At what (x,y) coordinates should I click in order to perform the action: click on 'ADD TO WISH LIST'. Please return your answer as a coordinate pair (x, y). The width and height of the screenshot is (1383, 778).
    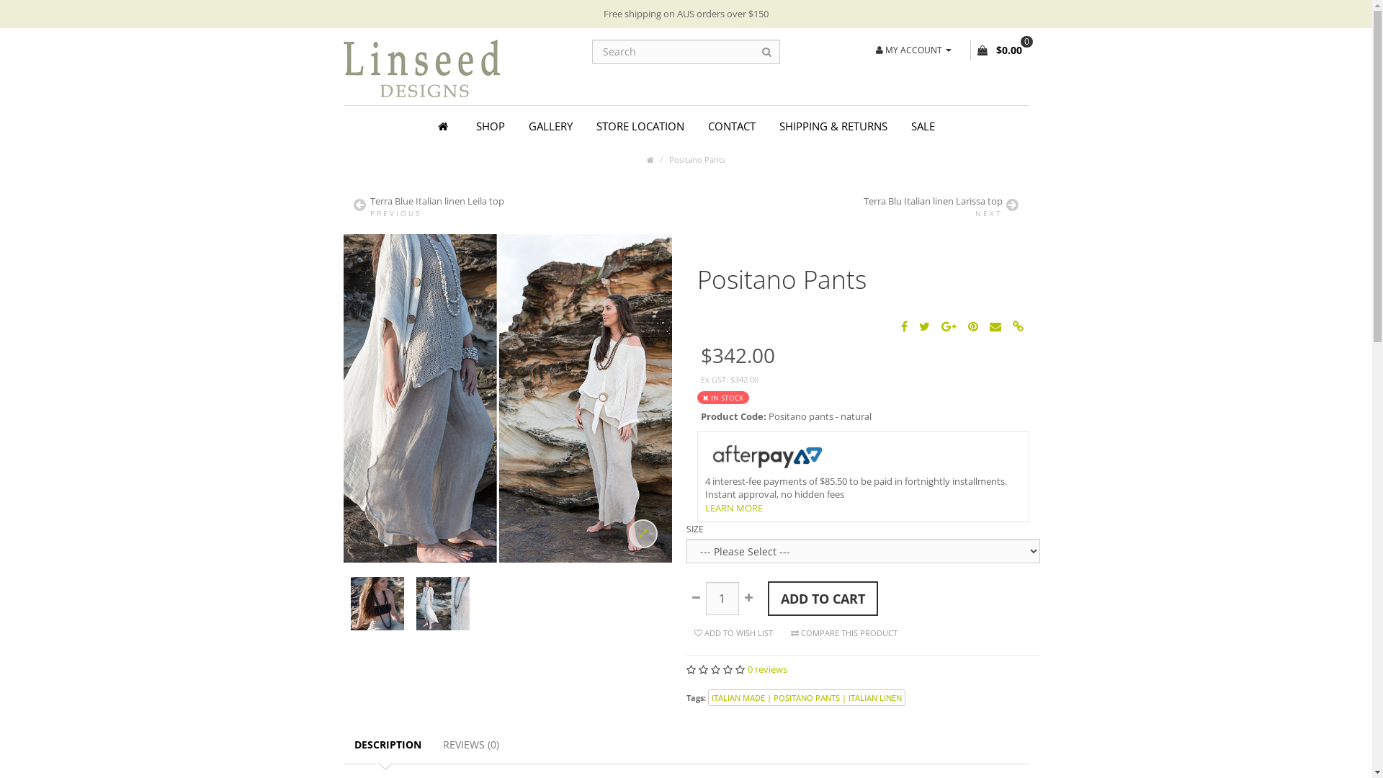
    Looking at the image, I should click on (733, 632).